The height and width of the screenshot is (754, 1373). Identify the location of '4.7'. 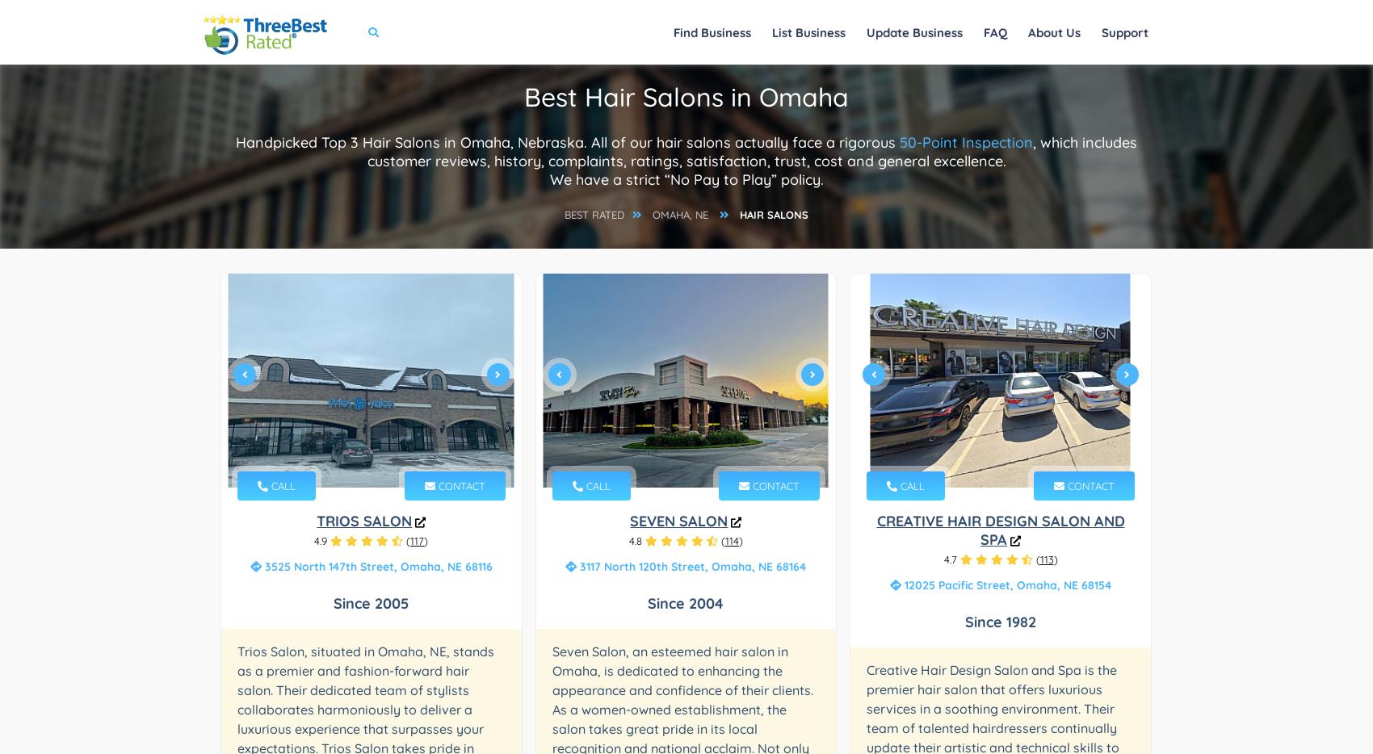
(943, 559).